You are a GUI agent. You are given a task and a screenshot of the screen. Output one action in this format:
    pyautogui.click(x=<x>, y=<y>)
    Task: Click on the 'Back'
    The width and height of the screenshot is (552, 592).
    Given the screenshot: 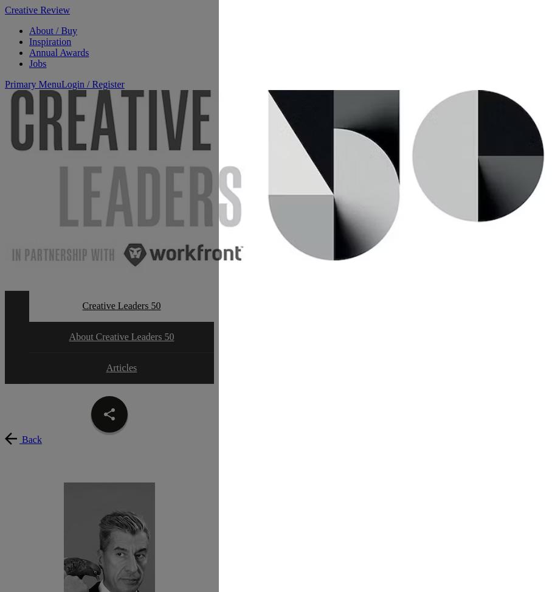 What is the action you would take?
    pyautogui.click(x=30, y=439)
    